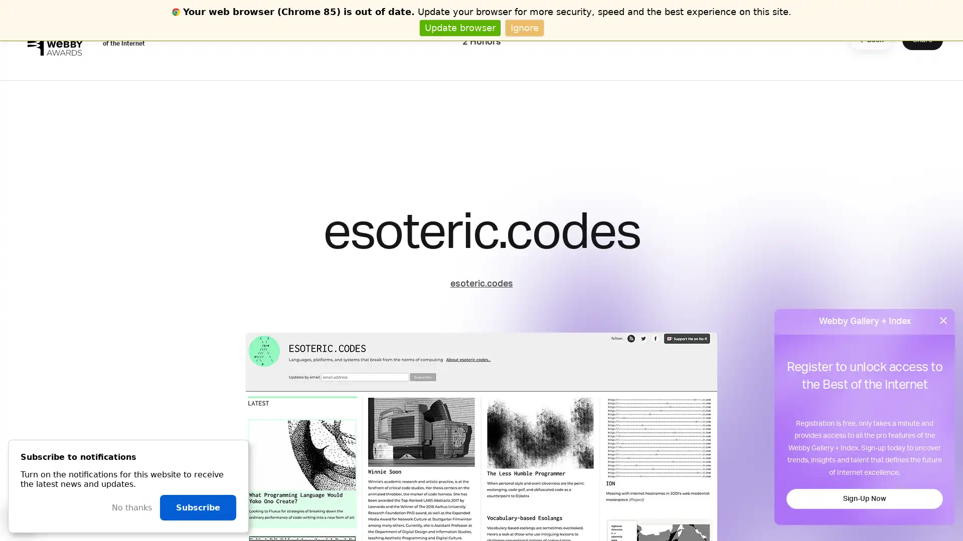  What do you see at coordinates (198, 507) in the screenshot?
I see `Subscribe` at bounding box center [198, 507].